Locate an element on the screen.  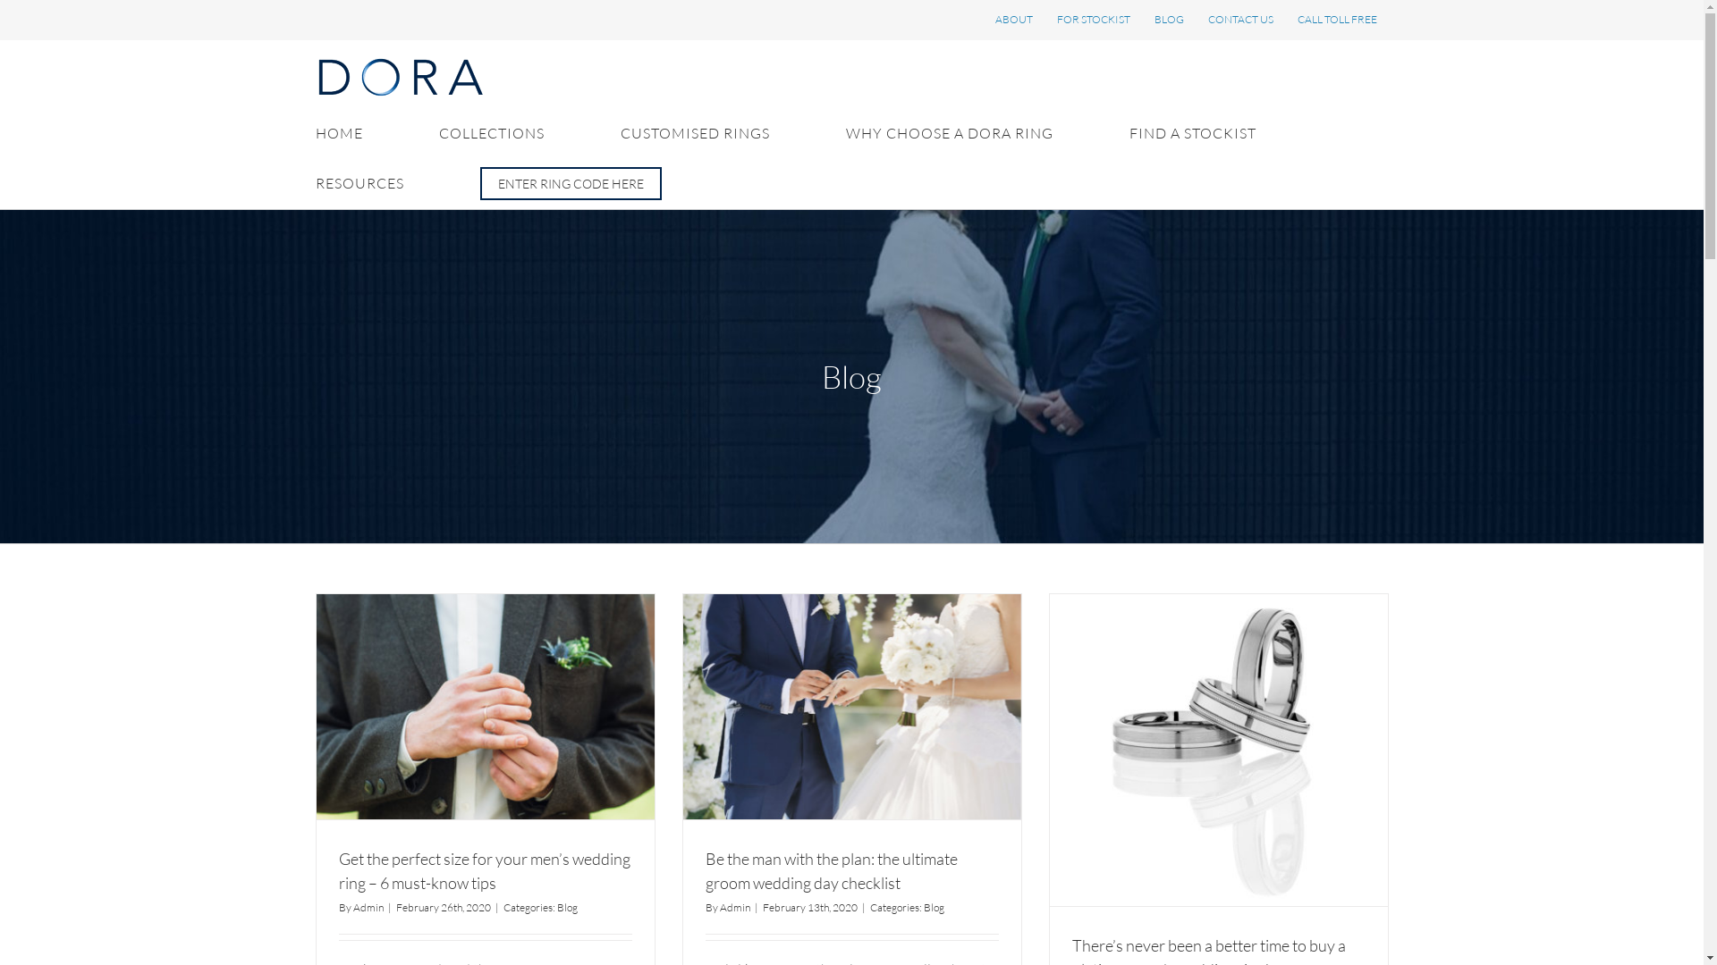
'BLOG' is located at coordinates (1169, 20).